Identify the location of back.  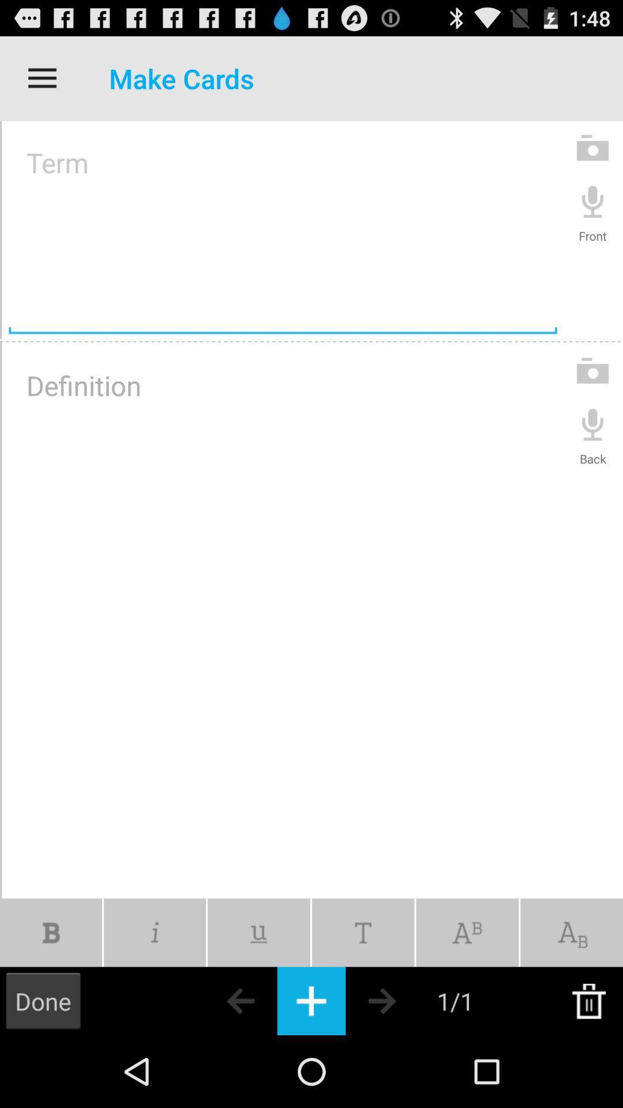
(592, 423).